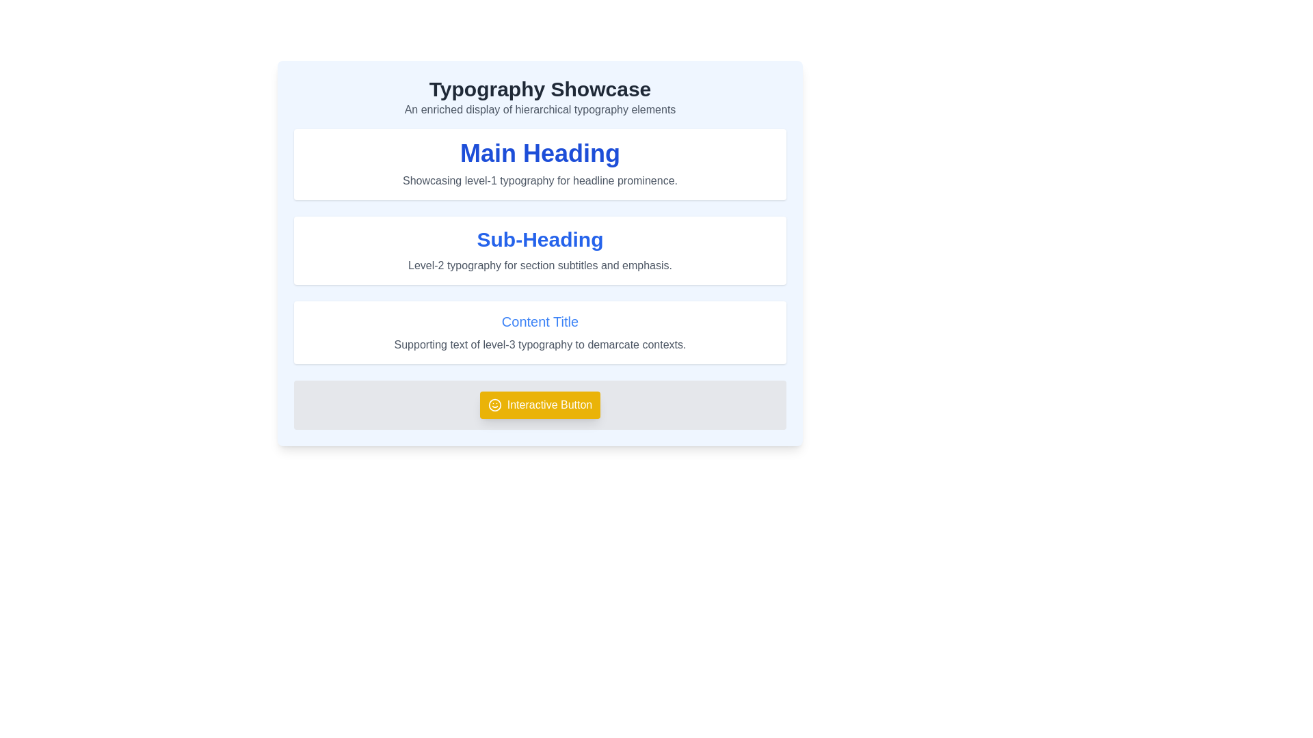 This screenshot has width=1313, height=738. I want to click on the Composite section containing the heading 'Main Heading' and the subtext 'Showcasing level-1 typography for headline prominence.', so click(540, 163).